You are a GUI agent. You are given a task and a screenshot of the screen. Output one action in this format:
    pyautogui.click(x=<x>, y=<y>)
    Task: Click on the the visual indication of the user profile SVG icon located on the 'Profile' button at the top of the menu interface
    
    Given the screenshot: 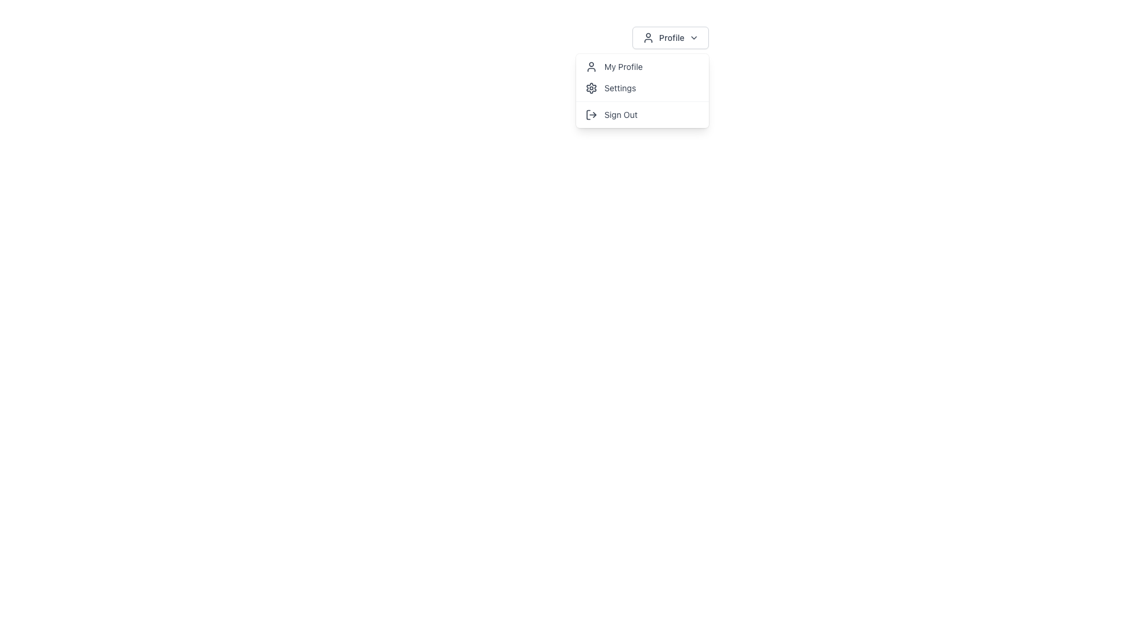 What is the action you would take?
    pyautogui.click(x=648, y=37)
    